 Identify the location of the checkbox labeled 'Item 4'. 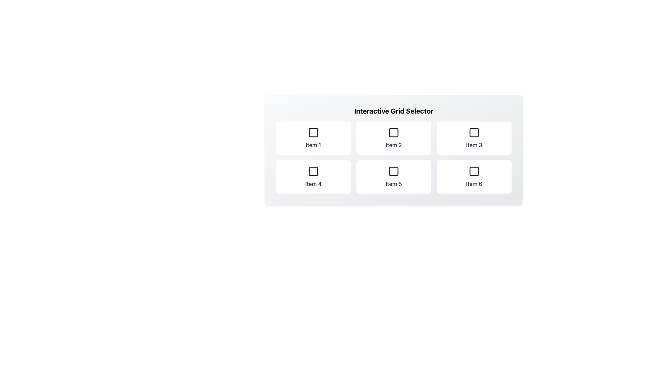
(313, 171).